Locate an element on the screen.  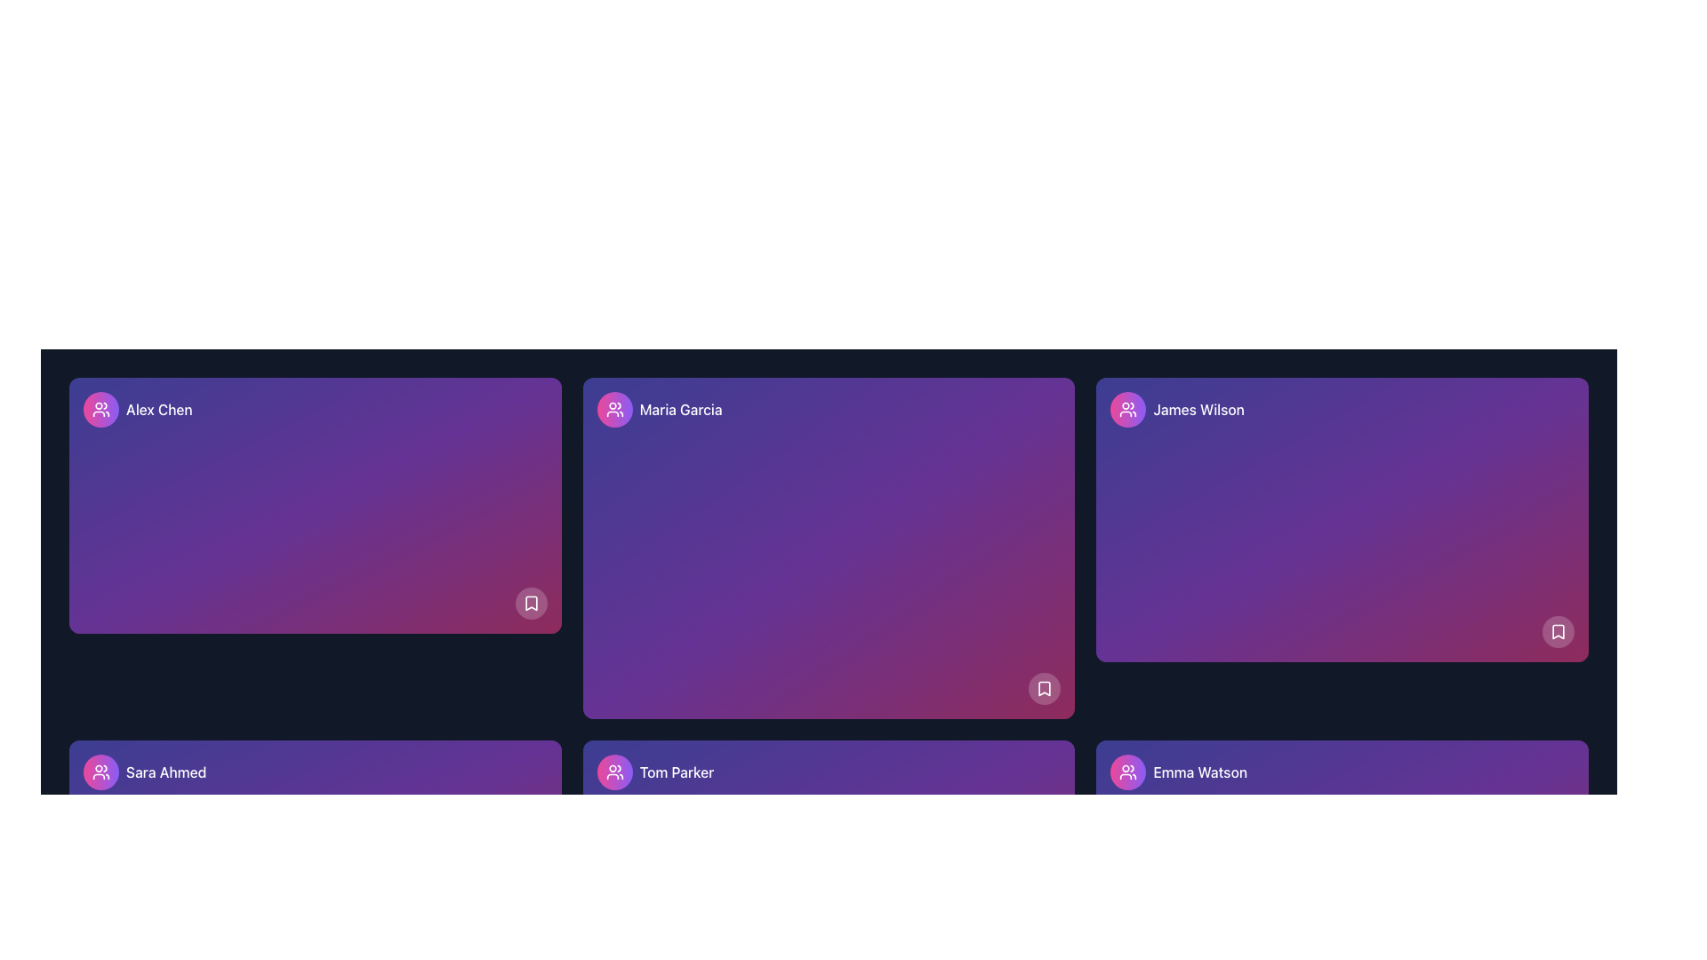
the bookmarking icon located in the bottom-right corner of the card displaying 'James Wilson' is located at coordinates (1557, 630).